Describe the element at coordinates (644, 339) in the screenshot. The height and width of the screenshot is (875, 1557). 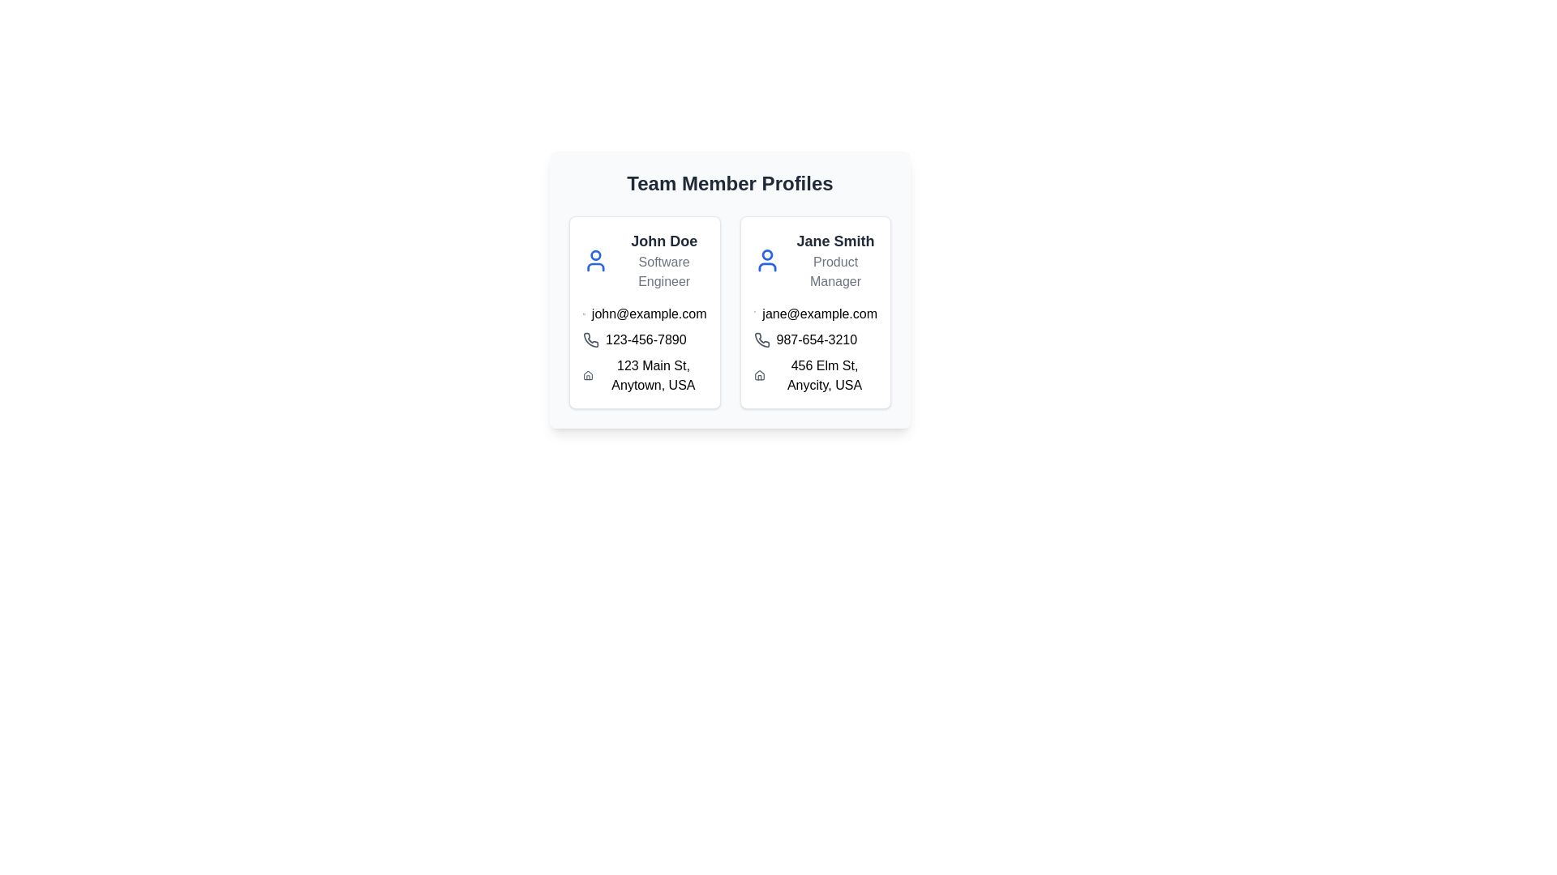
I see `the contact phone number text for team member John Doe, which is the second row of text in the left card of a two-column layout` at that location.